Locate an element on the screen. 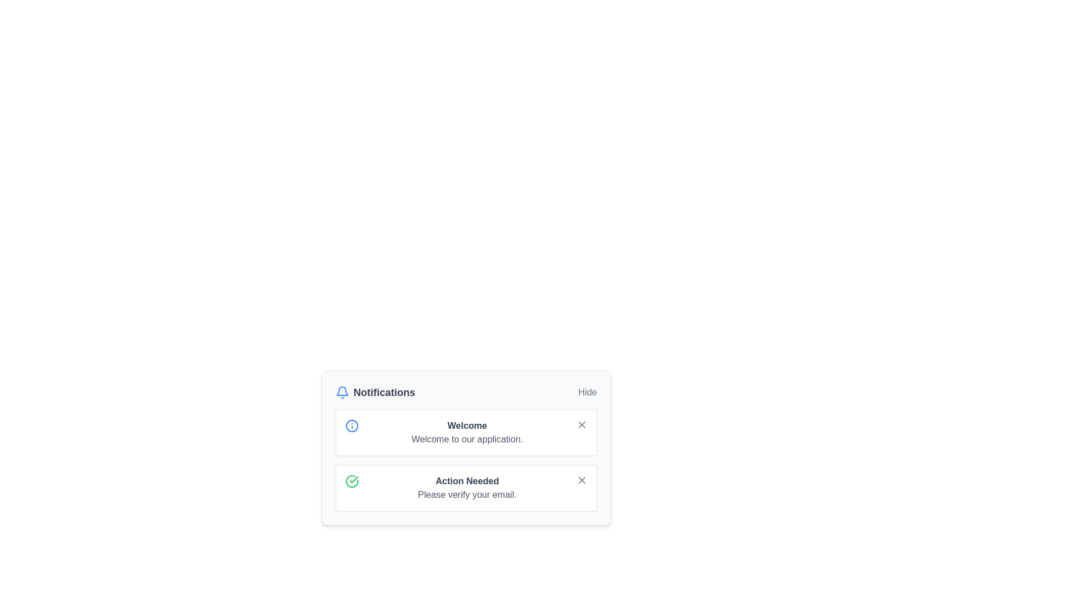 The width and height of the screenshot is (1087, 611). the success indicator icon located in the left section of the 'Action Needed' notification card, next to the notification title and description is located at coordinates (351, 481).